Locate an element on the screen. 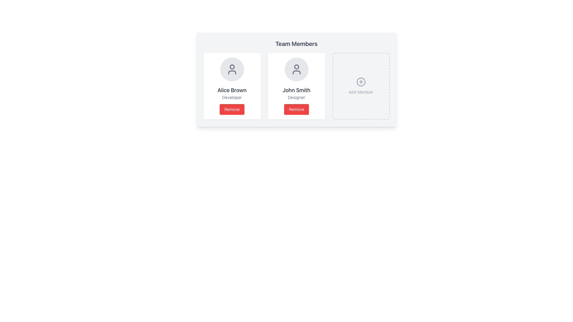 The width and height of the screenshot is (573, 322). the text label reading 'Designer', which is styled with a small font size and gray color, located directly below 'John Smith' in the second team member card is located at coordinates (296, 97).